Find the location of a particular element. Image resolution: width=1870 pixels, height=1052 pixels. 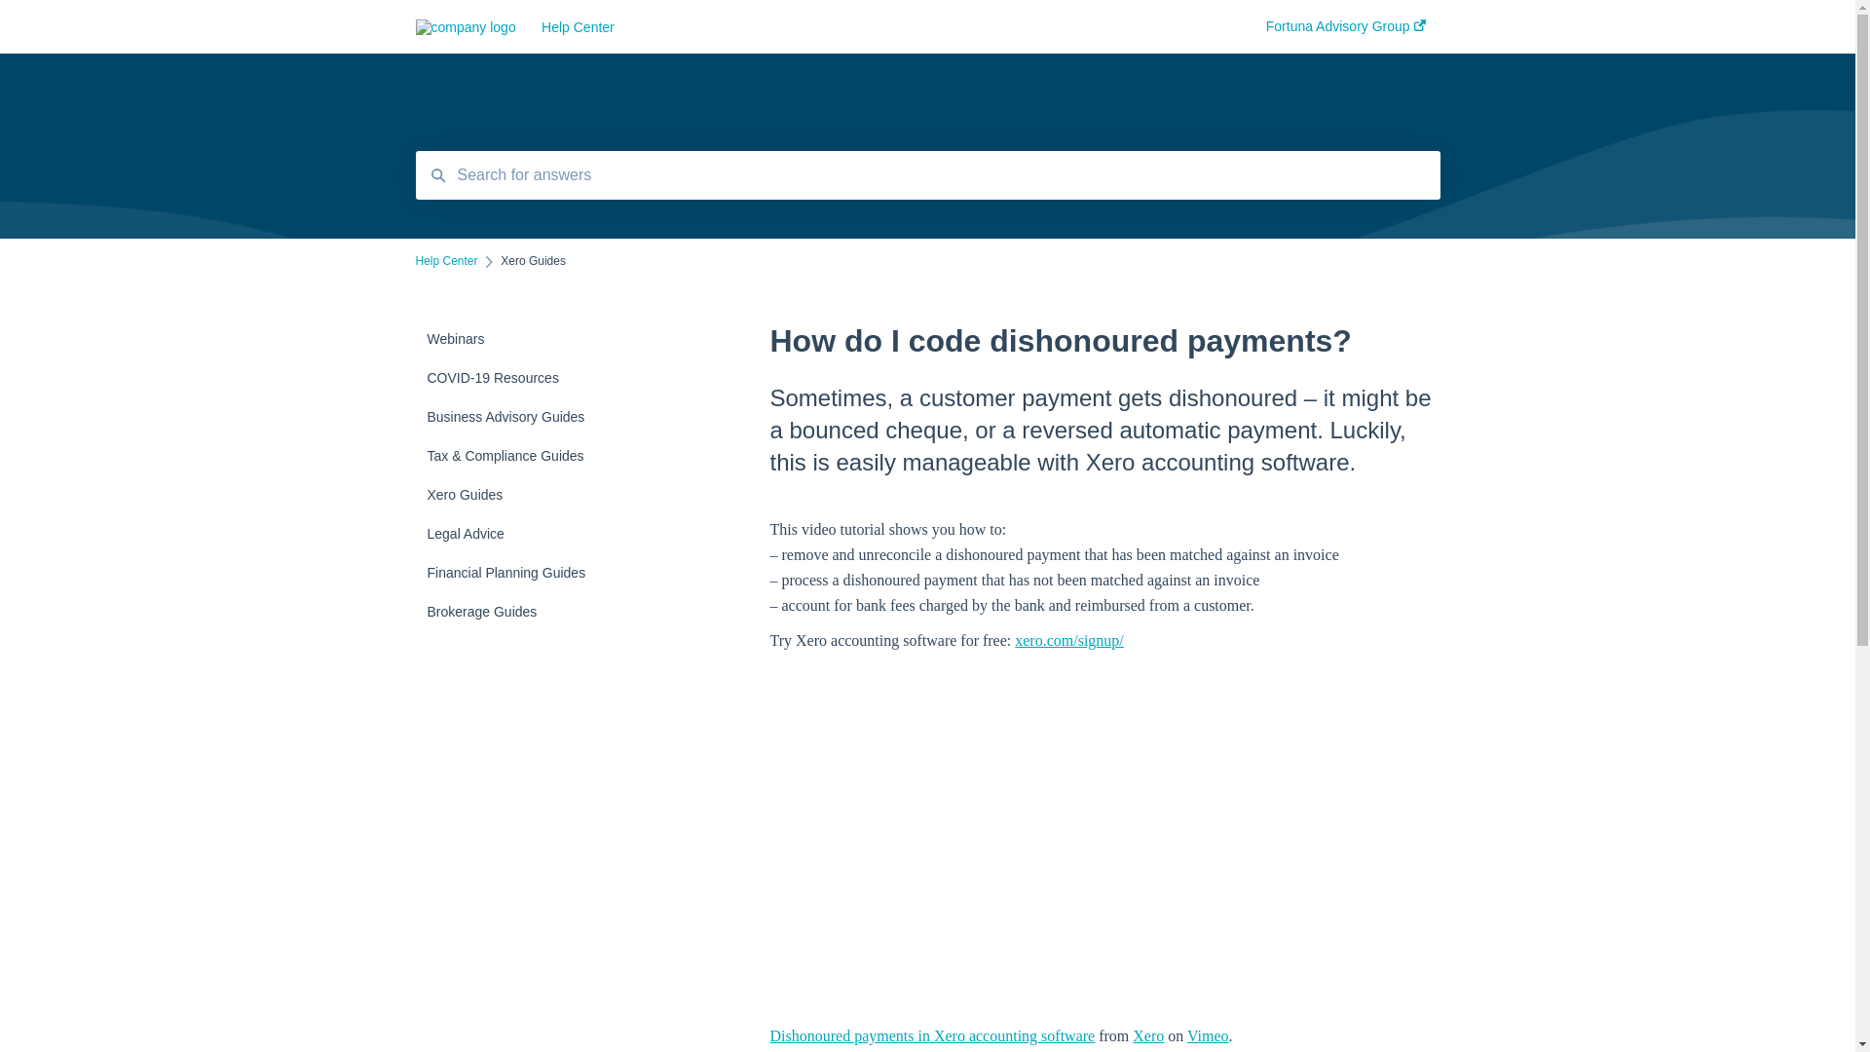

'xero.com/signup/' is located at coordinates (1068, 640).